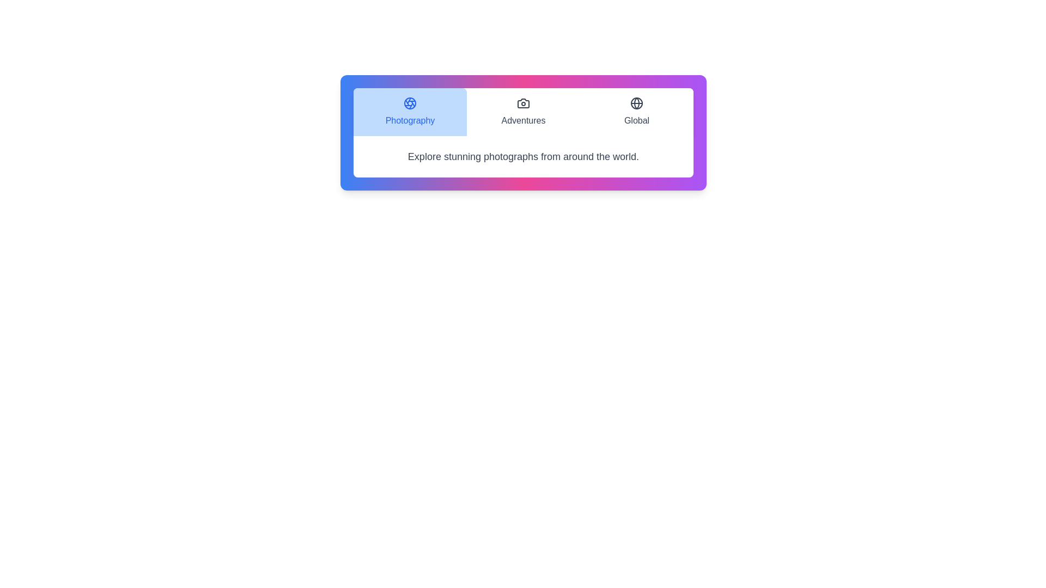  I want to click on on the text label reading 'Adventures', which is centrally located below a camera icon and part of a button-like structure with rounded corners, so click(523, 121).